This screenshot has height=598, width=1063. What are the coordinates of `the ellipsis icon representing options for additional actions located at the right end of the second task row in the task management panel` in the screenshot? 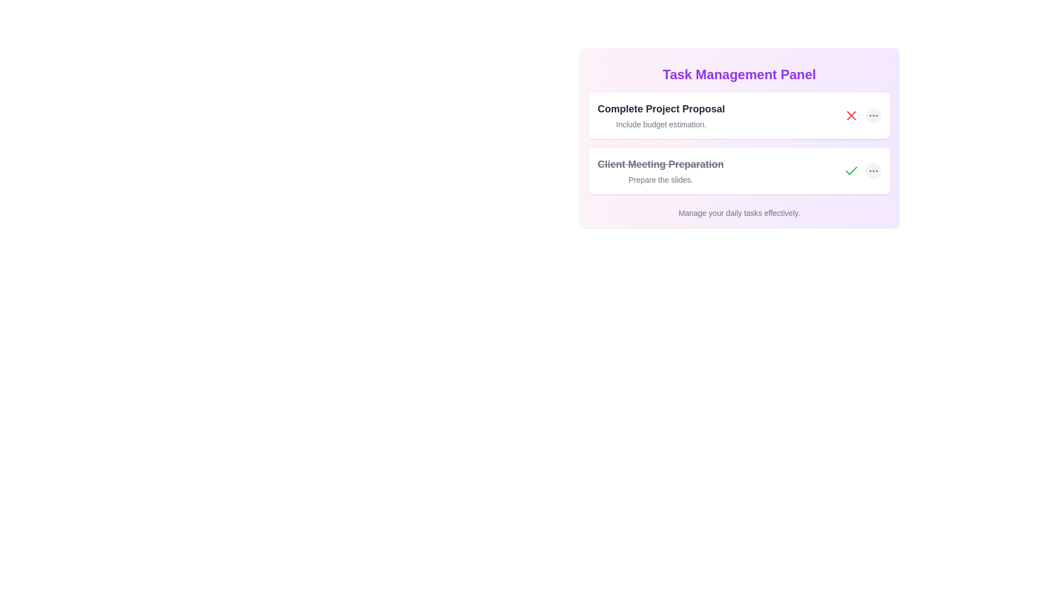 It's located at (873, 115).